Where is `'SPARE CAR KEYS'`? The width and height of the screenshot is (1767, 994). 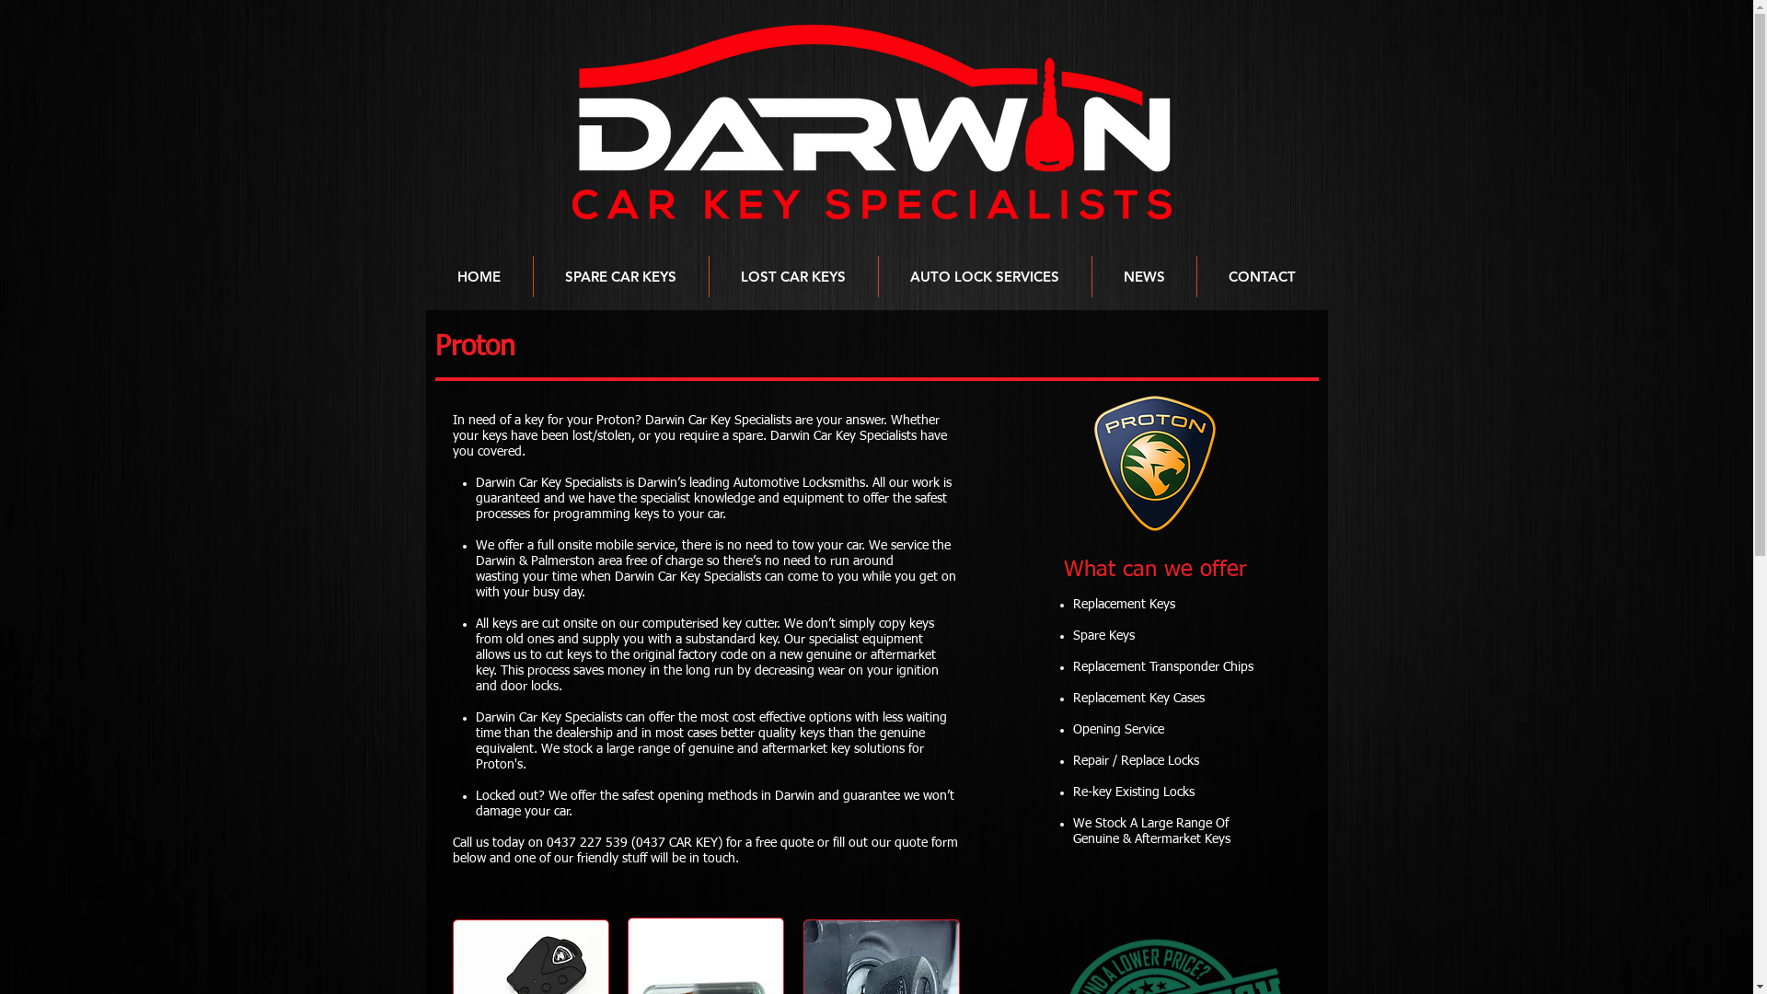
'SPARE CAR KEYS' is located at coordinates (621, 276).